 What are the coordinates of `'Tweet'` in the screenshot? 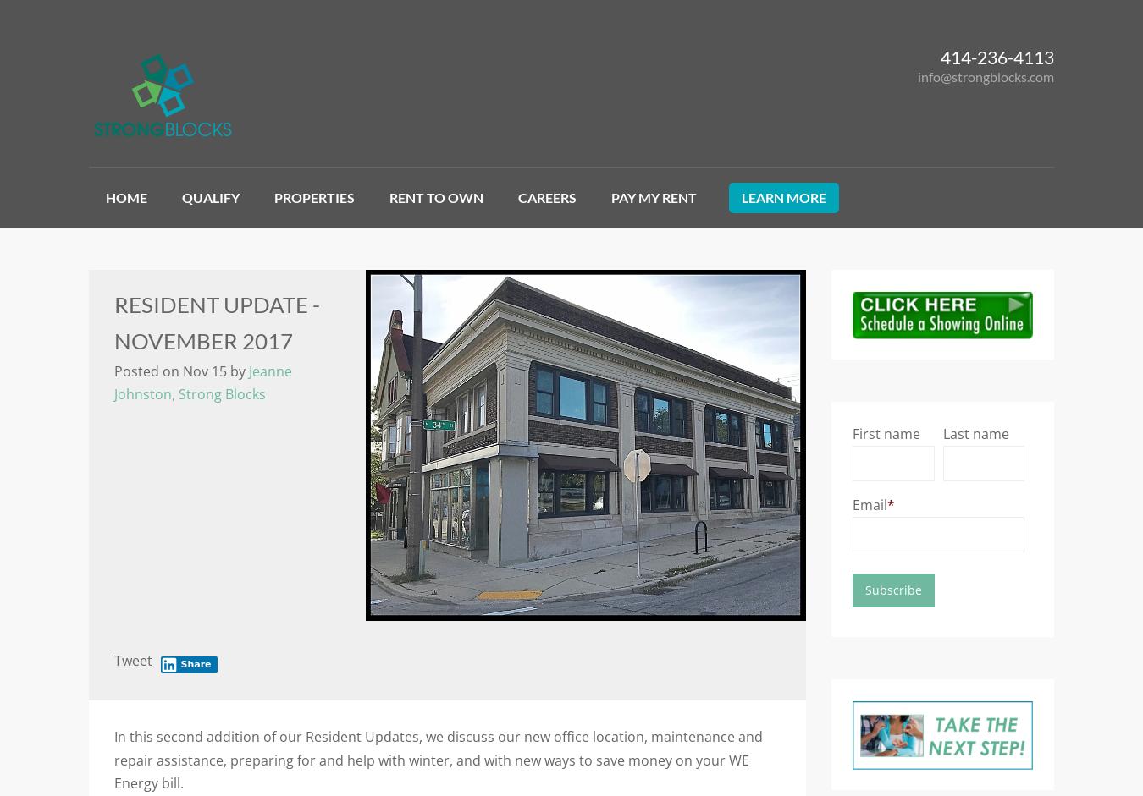 It's located at (133, 661).